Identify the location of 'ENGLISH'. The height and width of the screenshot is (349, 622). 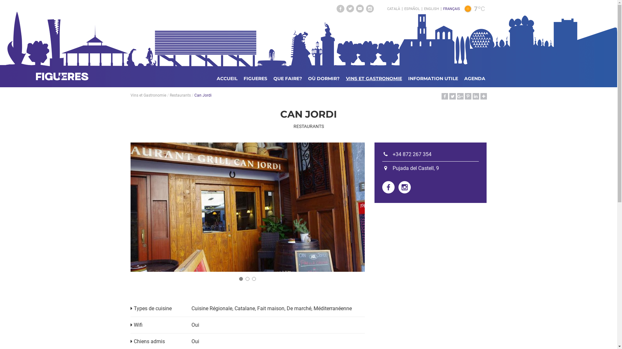
(431, 9).